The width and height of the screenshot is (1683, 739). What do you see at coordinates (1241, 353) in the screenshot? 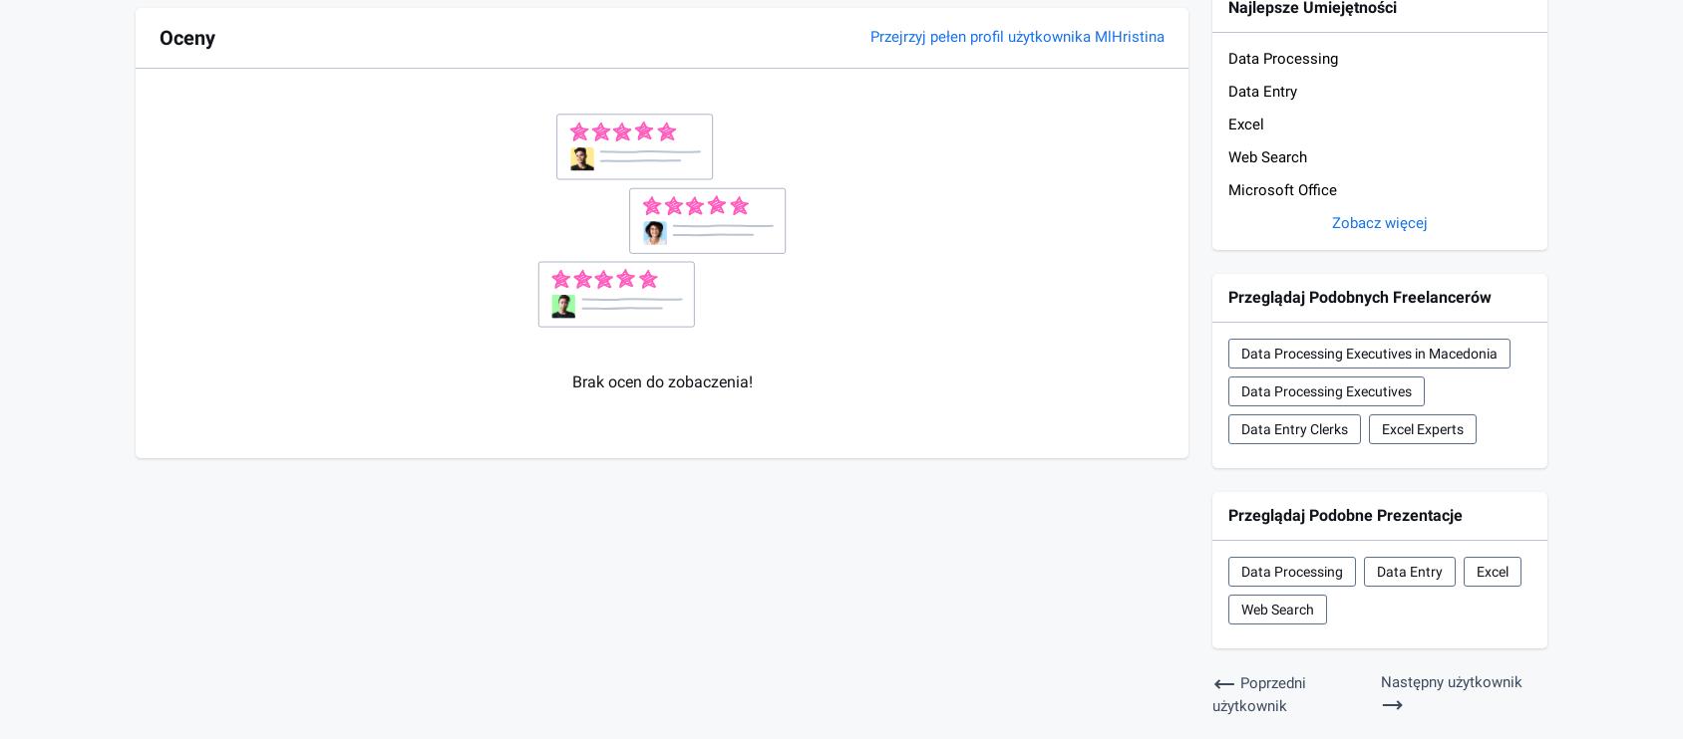
I see `'Data Processing Executives in Macedonia'` at bounding box center [1241, 353].